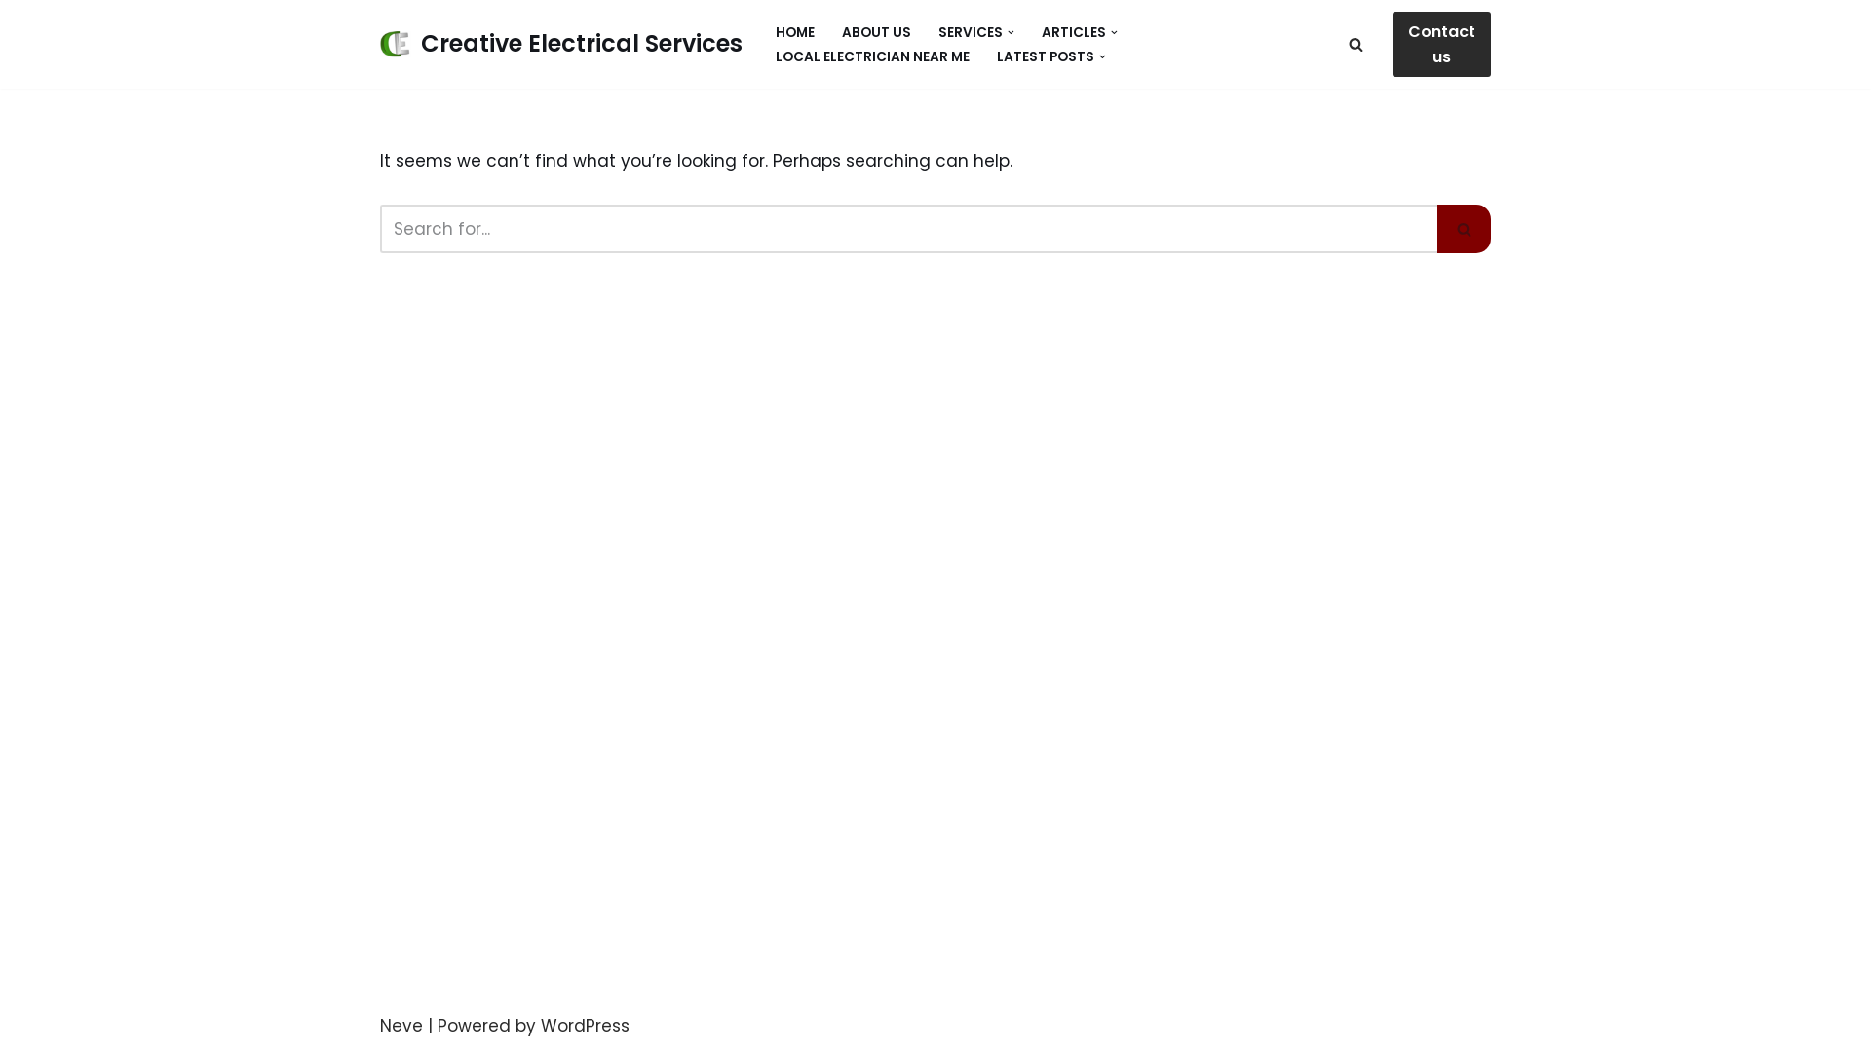 This screenshot has width=1871, height=1052. What do you see at coordinates (842, 32) in the screenshot?
I see `'ABOUT US'` at bounding box center [842, 32].